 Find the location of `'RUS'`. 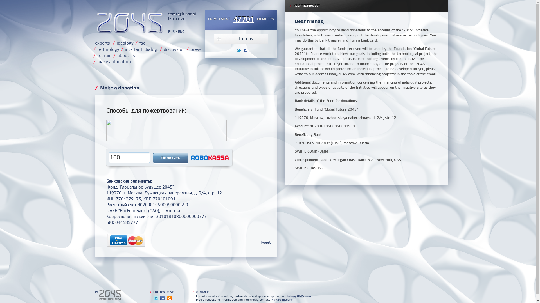

'RUS' is located at coordinates (171, 31).